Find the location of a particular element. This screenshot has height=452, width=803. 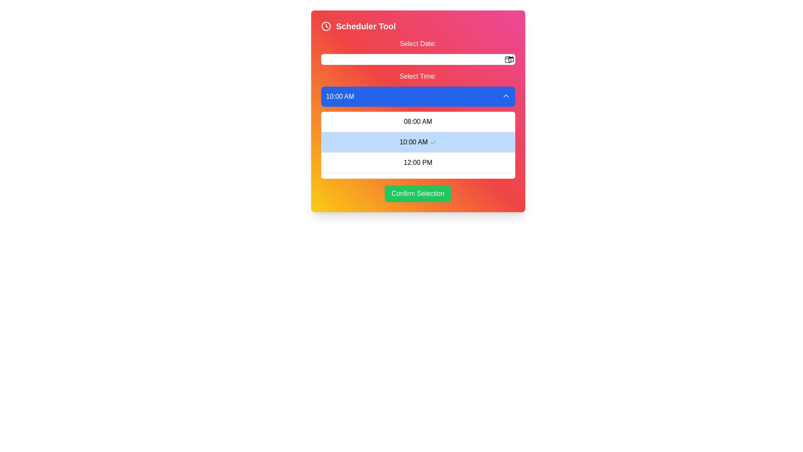

the '10:00 AM' time option button located in the 'Select Time' dropdown menu of the 'Scheduler Tool' interface is located at coordinates (418, 141).